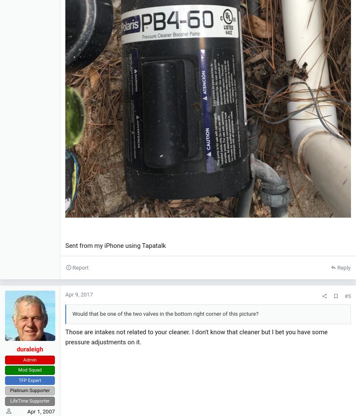 The height and width of the screenshot is (416, 356). I want to click on 'Platinum Supporter', so click(29, 390).